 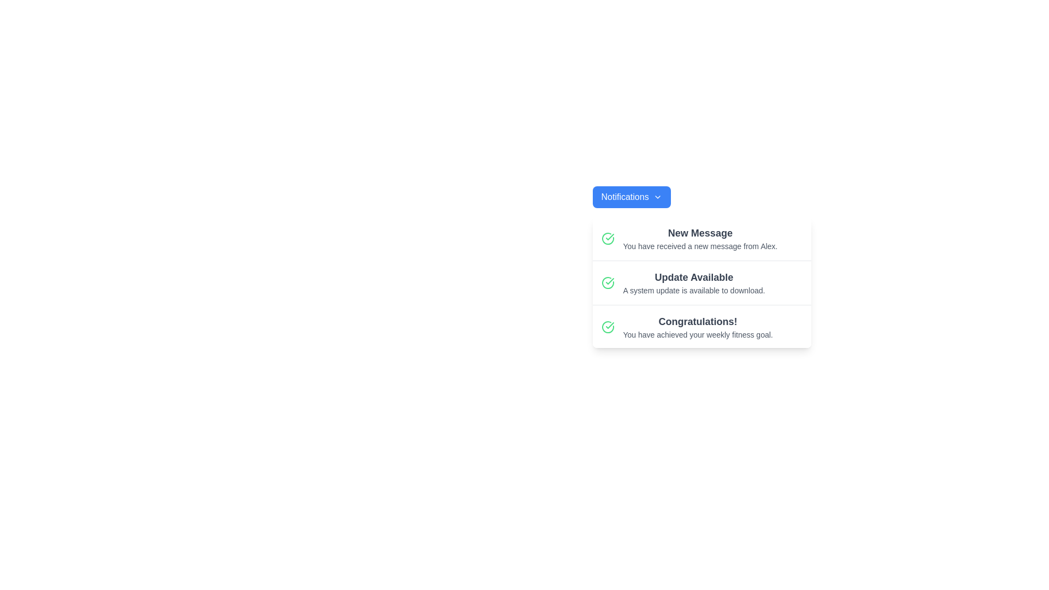 What do you see at coordinates (702, 282) in the screenshot?
I see `the Notification Item with a green circular checkmark, which says 'Update Available' in bold and 'A system update is available to download.'` at bounding box center [702, 282].